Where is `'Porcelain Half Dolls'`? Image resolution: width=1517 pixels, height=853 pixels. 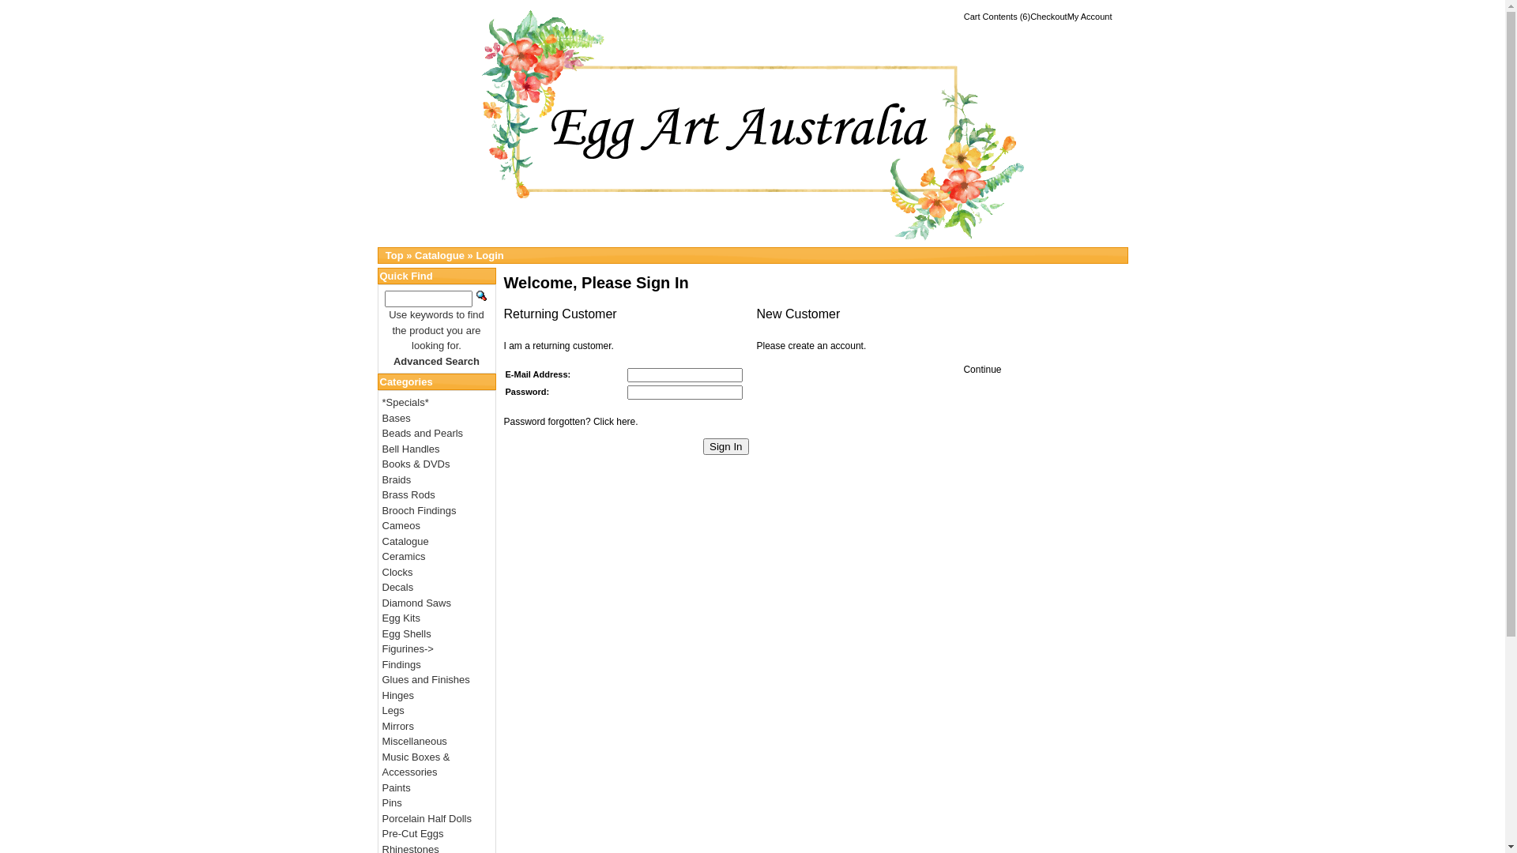 'Porcelain Half Dolls' is located at coordinates (382, 817).